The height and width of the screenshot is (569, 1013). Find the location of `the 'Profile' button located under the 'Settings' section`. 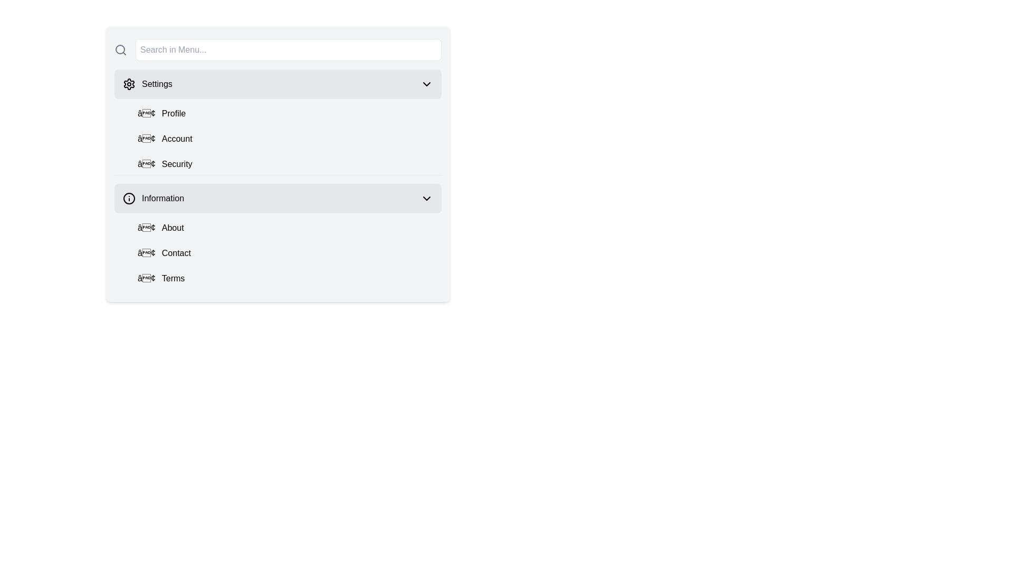

the 'Profile' button located under the 'Settings' section is located at coordinates (278, 114).